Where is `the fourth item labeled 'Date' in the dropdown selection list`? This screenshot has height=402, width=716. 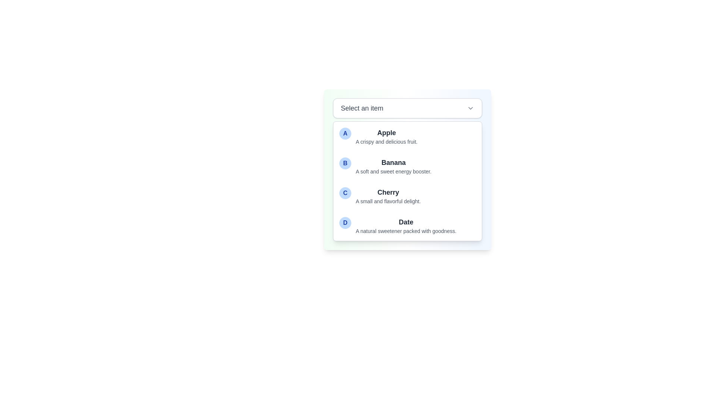 the fourth item labeled 'Date' in the dropdown selection list is located at coordinates (406, 225).